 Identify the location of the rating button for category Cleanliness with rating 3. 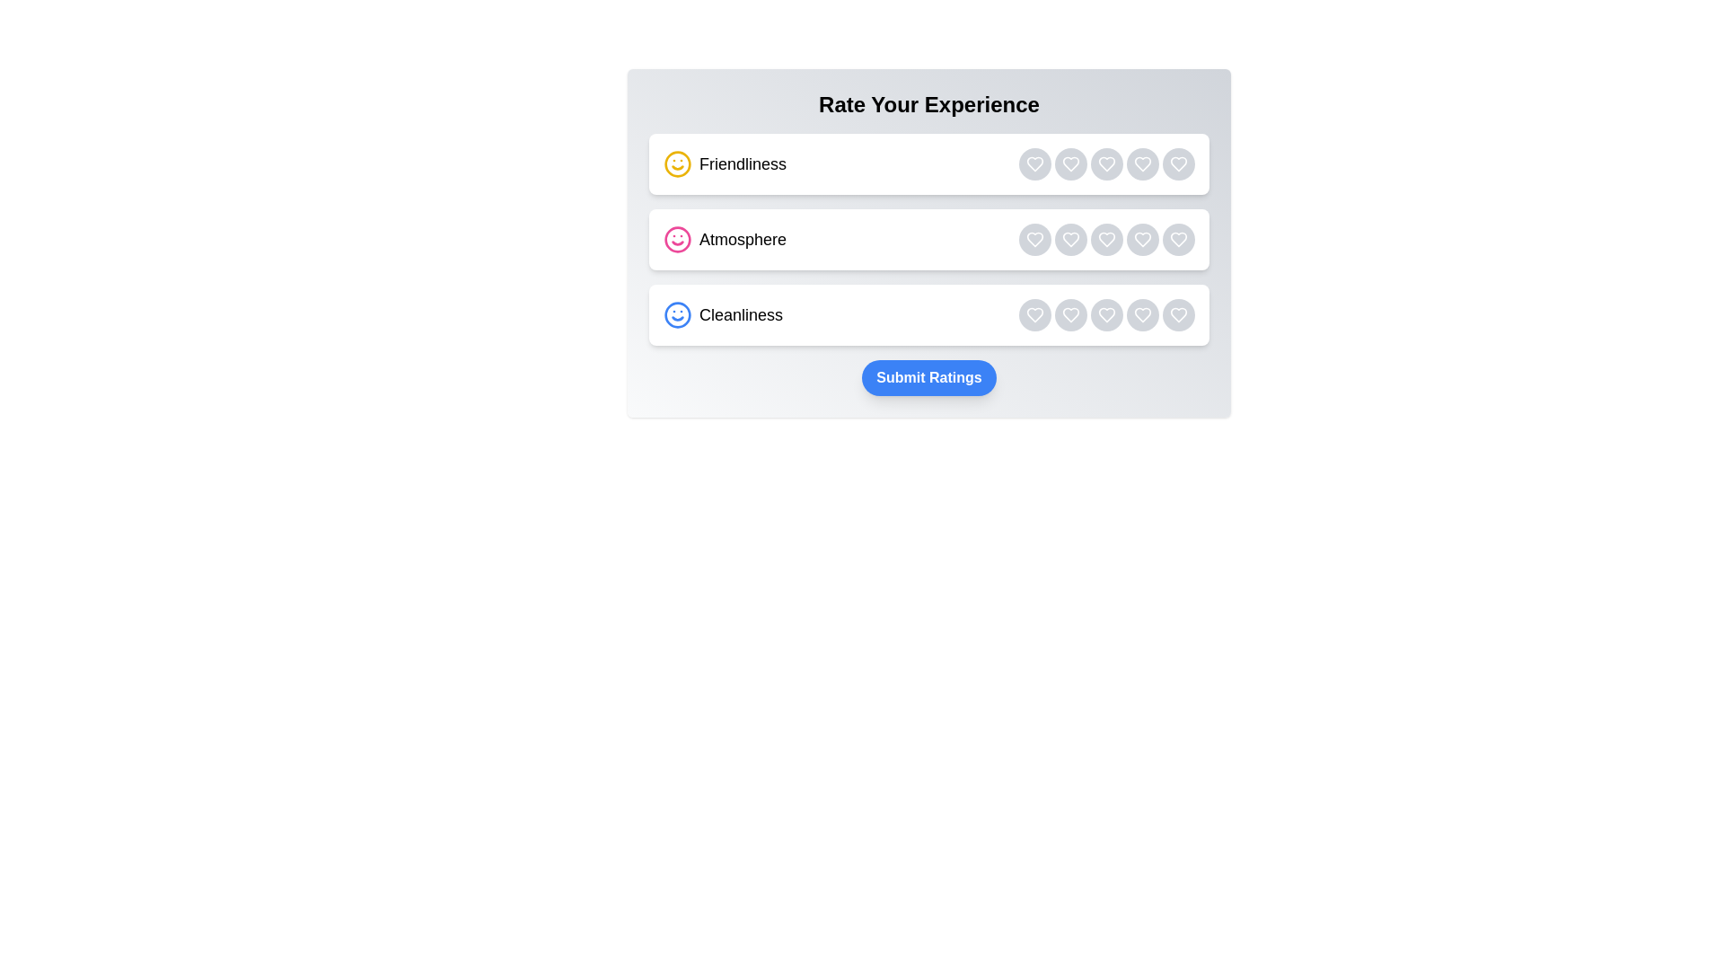
(1106, 314).